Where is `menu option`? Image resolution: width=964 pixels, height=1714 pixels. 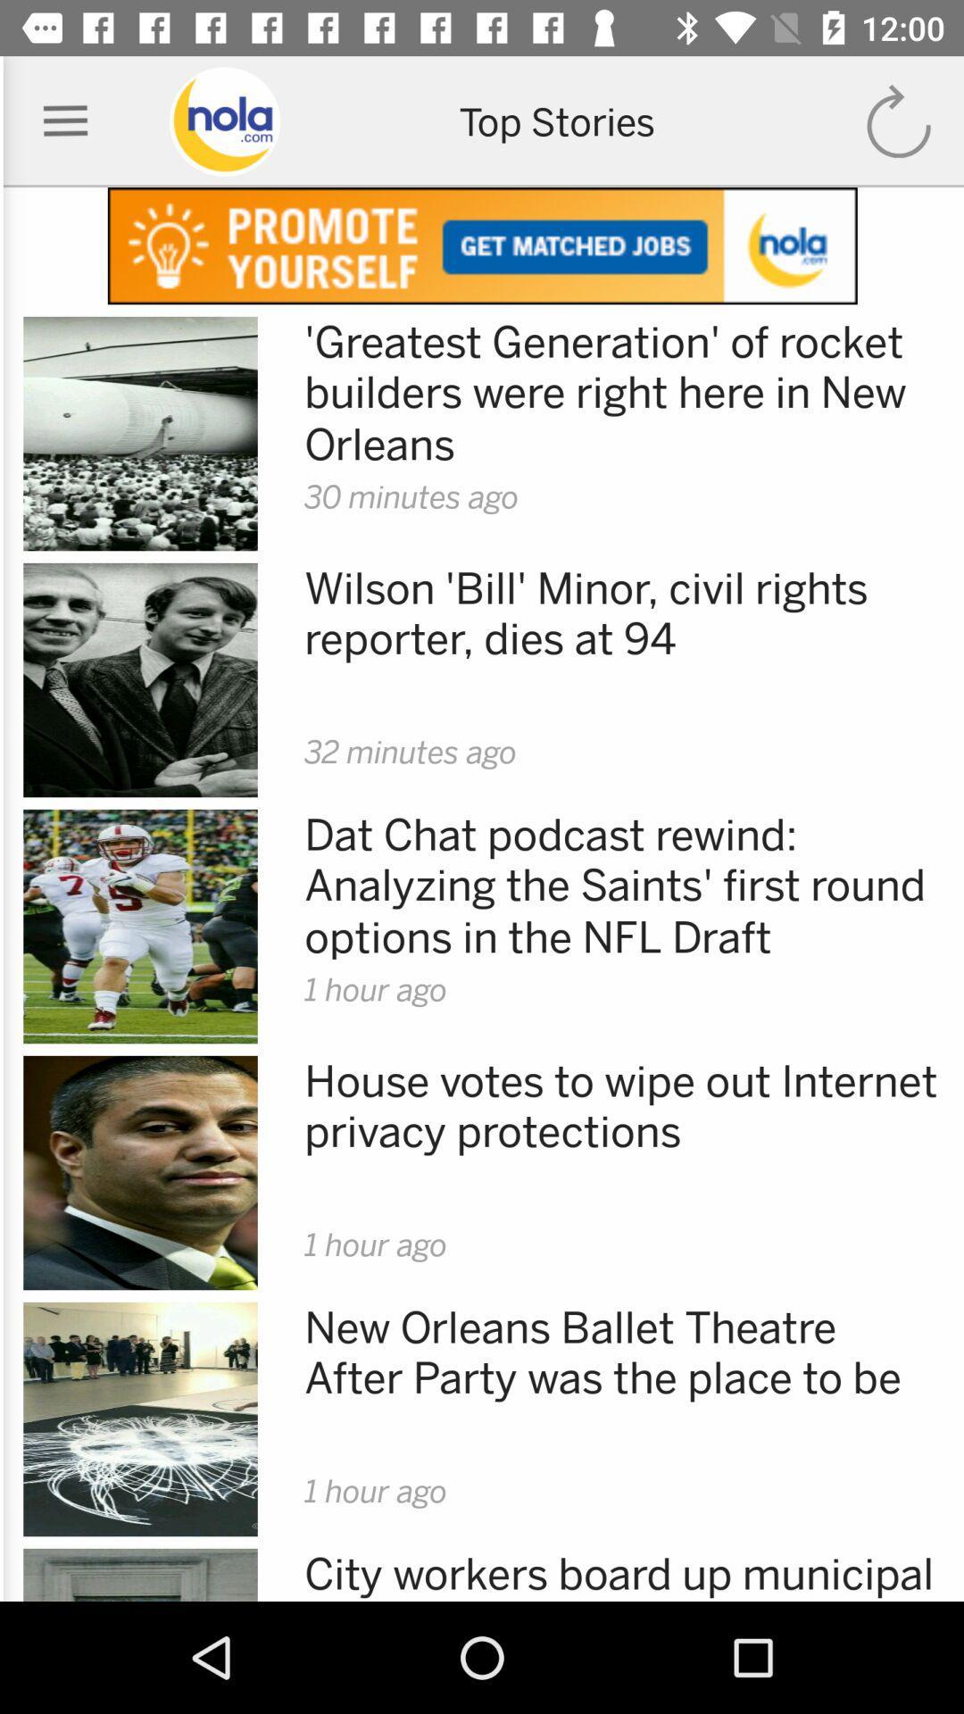
menu option is located at coordinates (64, 121).